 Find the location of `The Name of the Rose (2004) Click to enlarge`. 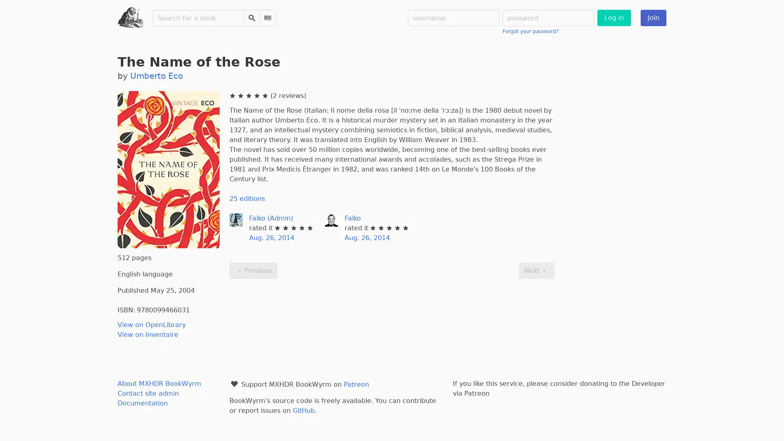

The Name of the Rose (2004) Click to enlarge is located at coordinates (168, 169).